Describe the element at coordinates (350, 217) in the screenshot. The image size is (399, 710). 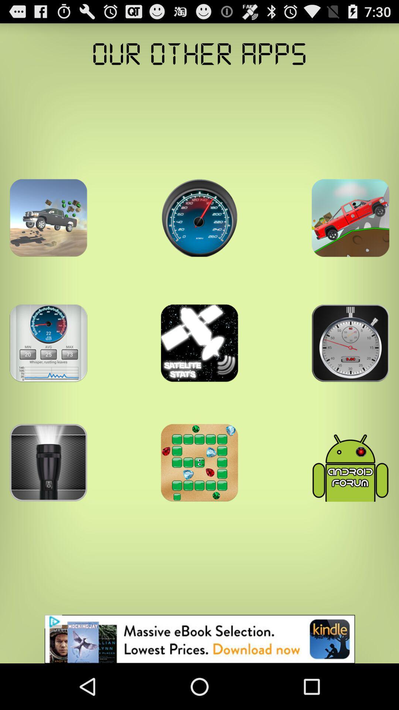
I see `game` at that location.